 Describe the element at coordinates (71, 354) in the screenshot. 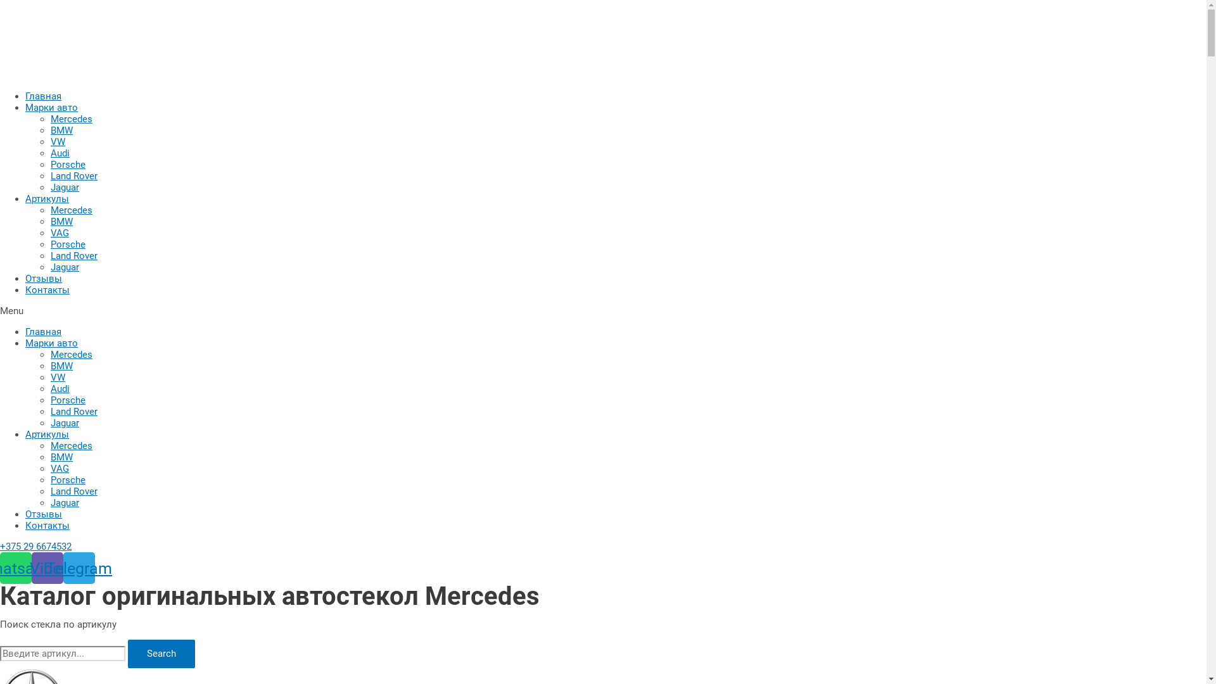

I see `'Mercedes'` at that location.